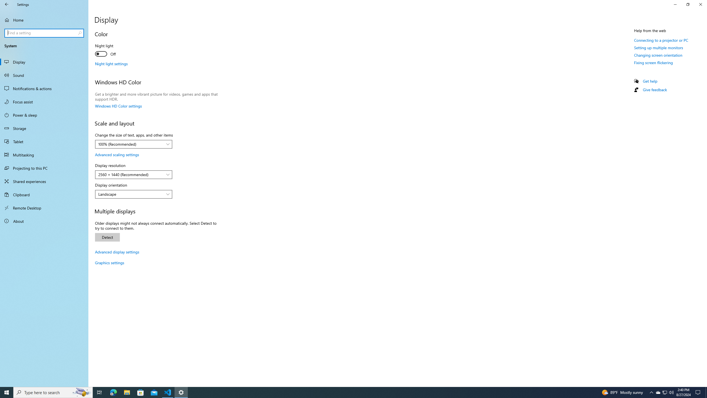  What do you see at coordinates (44, 195) in the screenshot?
I see `'Clipboard'` at bounding box center [44, 195].